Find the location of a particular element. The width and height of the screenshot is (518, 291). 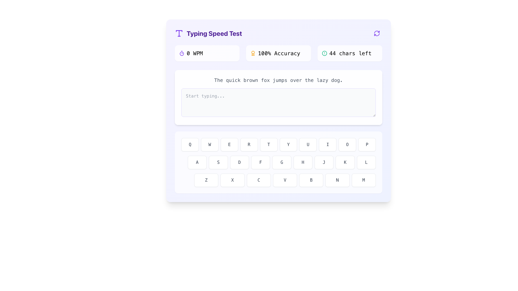

the 7th button in the virtual keyboard layout, which is shaped as a rounded rectangle and displays the letter 'U' in gray text on a white background is located at coordinates (308, 144).